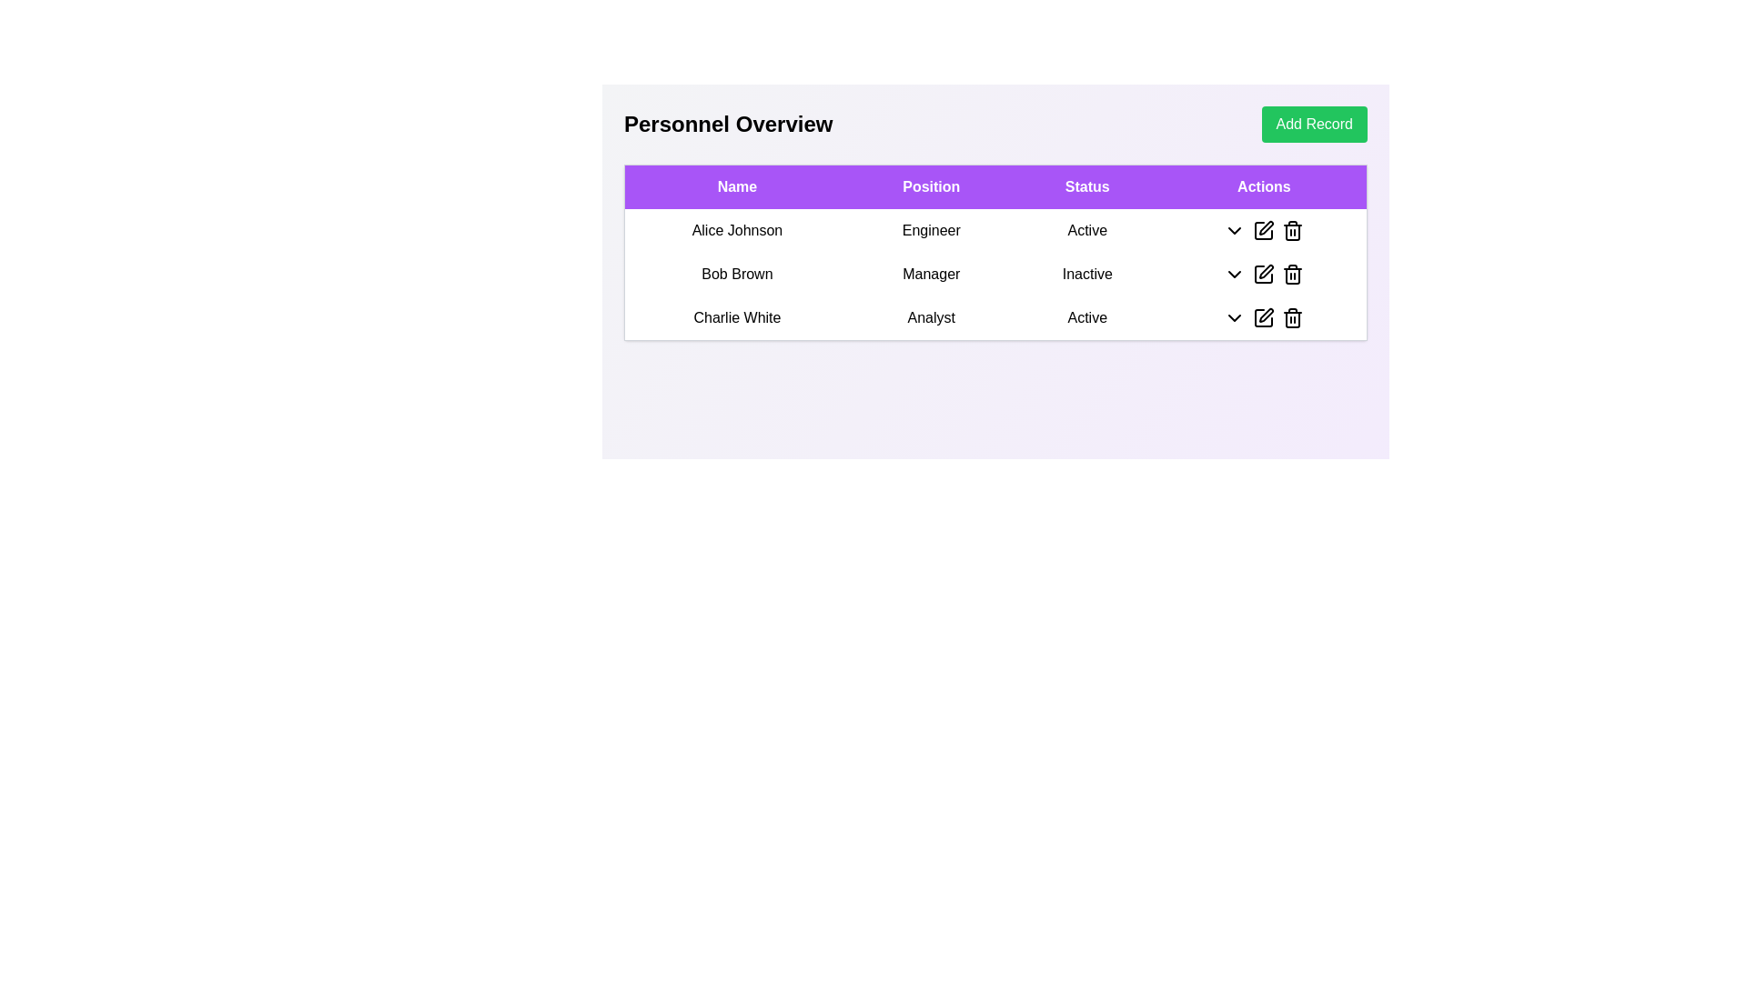  I want to click on an item in the personnel overview table to interact with it, so click(995, 260).